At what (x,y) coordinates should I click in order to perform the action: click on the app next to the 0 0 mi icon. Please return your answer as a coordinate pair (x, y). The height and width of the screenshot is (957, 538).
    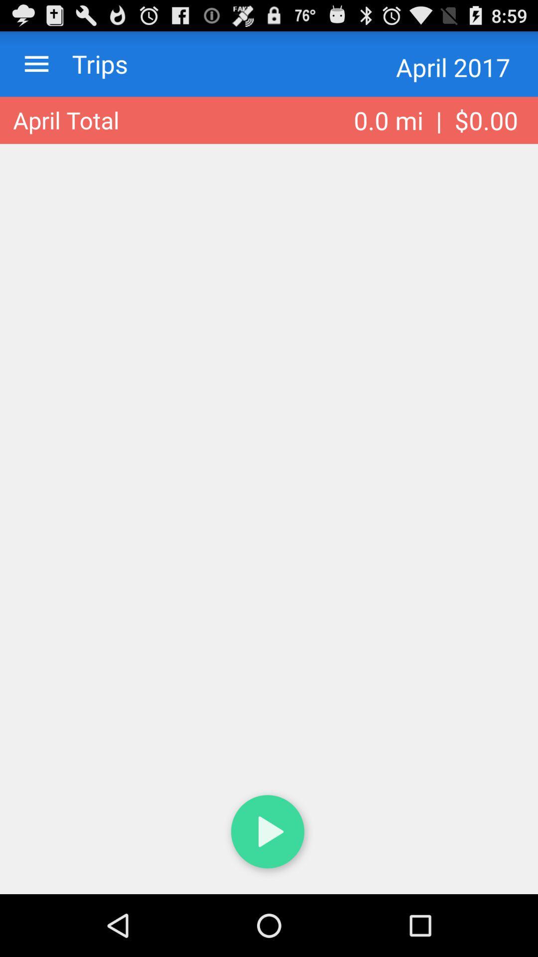
    Looking at the image, I should click on (66, 120).